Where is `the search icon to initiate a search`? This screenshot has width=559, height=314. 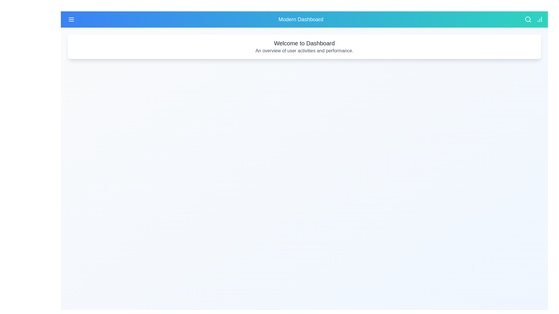
the search icon to initiate a search is located at coordinates (528, 19).